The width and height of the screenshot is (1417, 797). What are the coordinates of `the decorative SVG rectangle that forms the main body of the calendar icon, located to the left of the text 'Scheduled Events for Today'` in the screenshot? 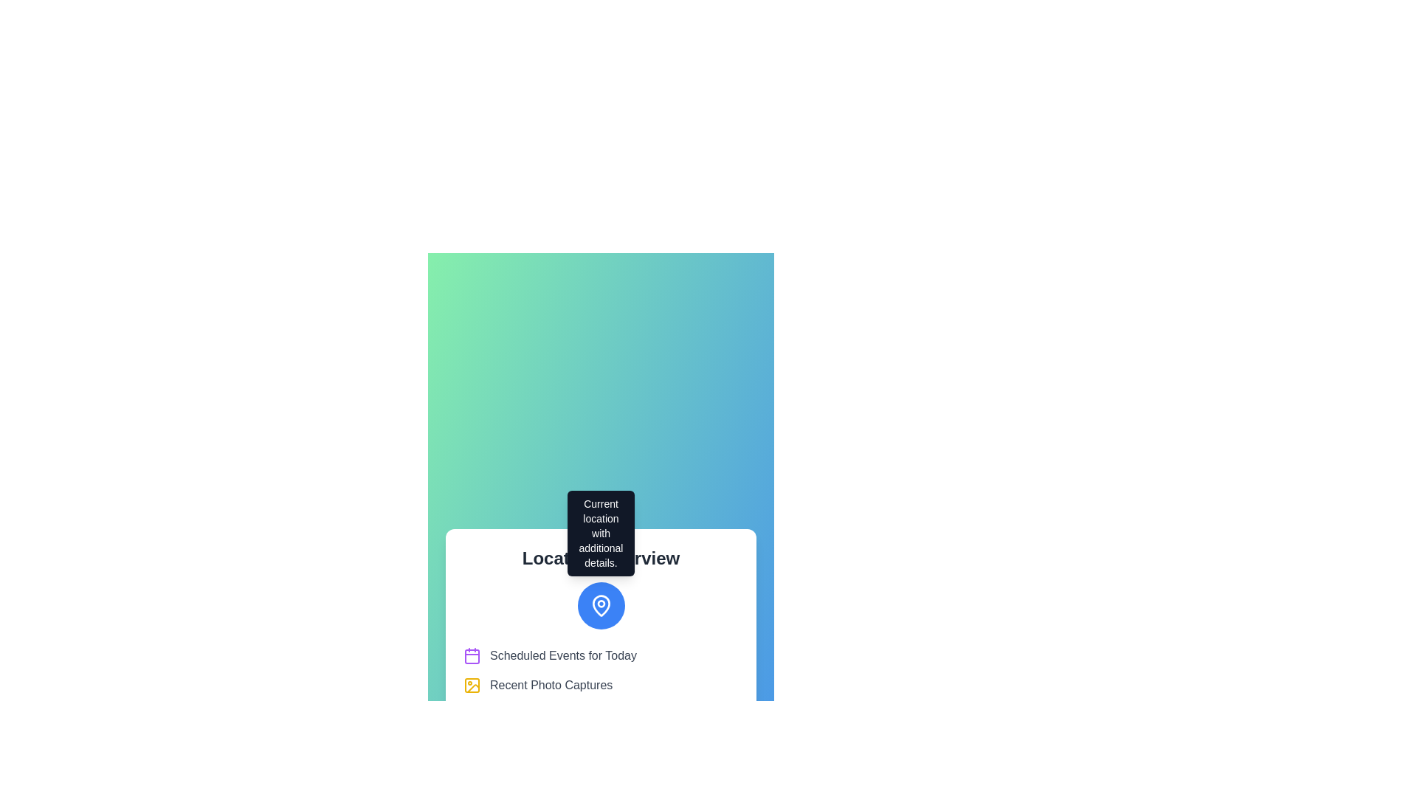 It's located at (471, 656).